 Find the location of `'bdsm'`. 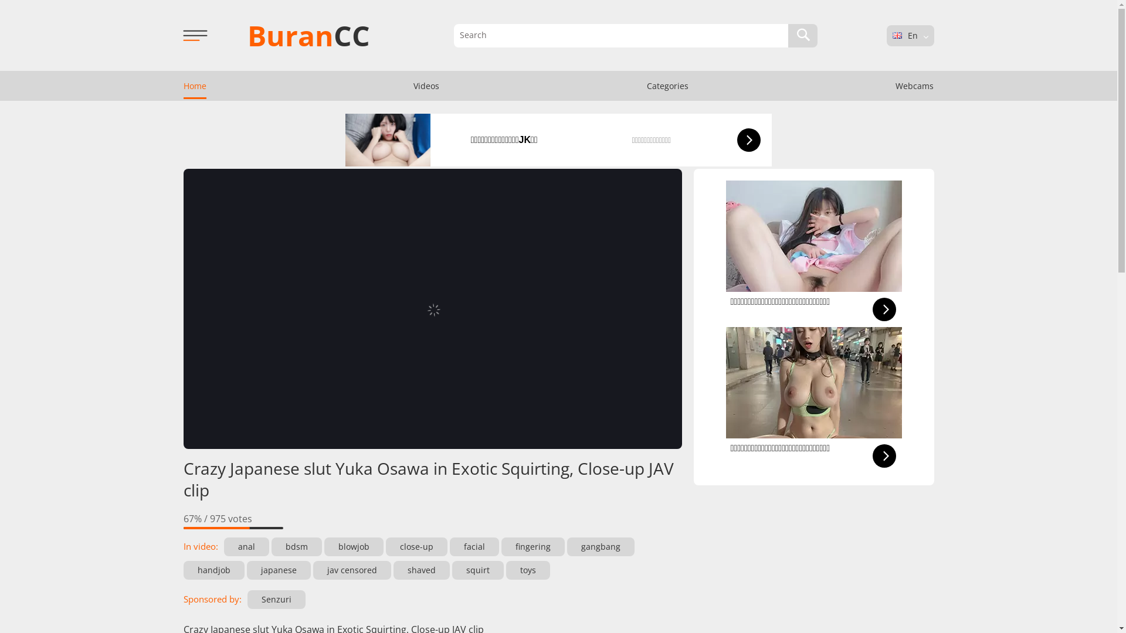

'bdsm' is located at coordinates (296, 547).